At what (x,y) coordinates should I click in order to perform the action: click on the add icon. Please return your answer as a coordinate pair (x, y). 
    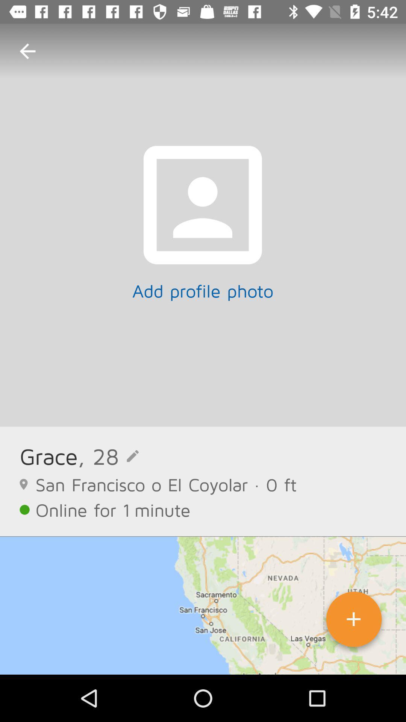
    Looking at the image, I should click on (354, 622).